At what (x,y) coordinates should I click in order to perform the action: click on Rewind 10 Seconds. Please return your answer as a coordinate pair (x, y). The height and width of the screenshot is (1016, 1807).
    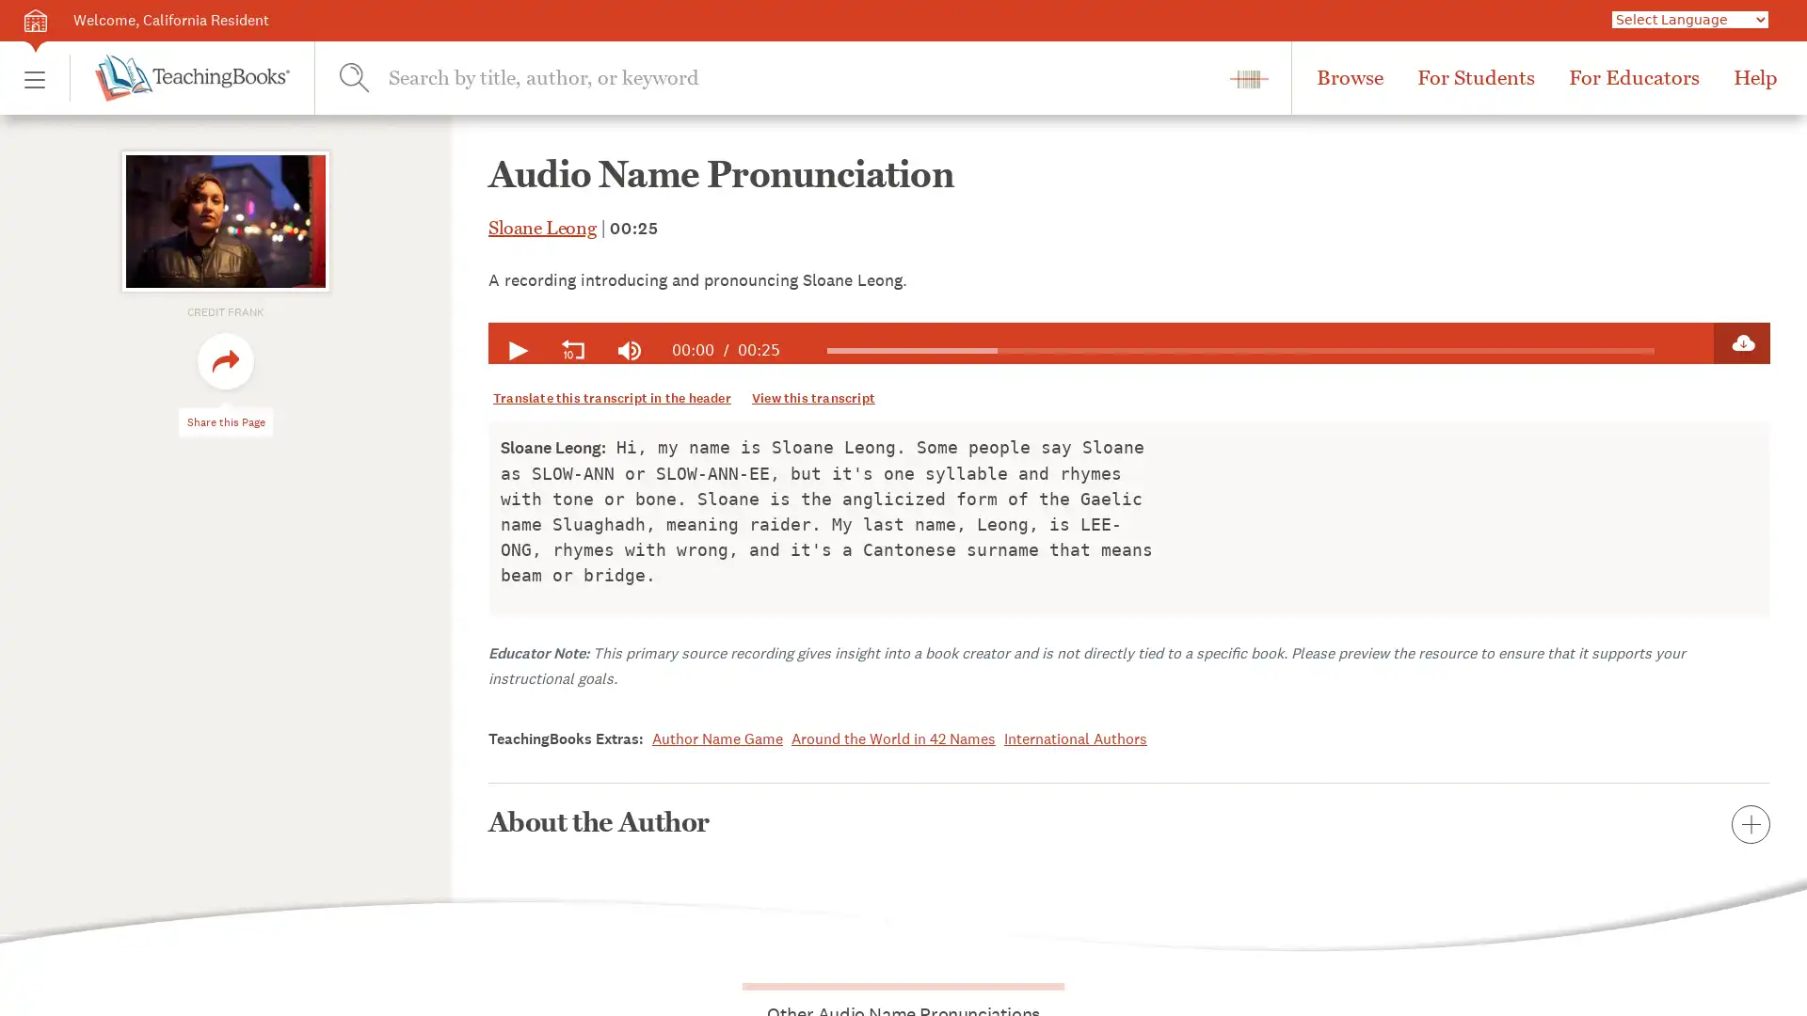
    Looking at the image, I should click on (572, 351).